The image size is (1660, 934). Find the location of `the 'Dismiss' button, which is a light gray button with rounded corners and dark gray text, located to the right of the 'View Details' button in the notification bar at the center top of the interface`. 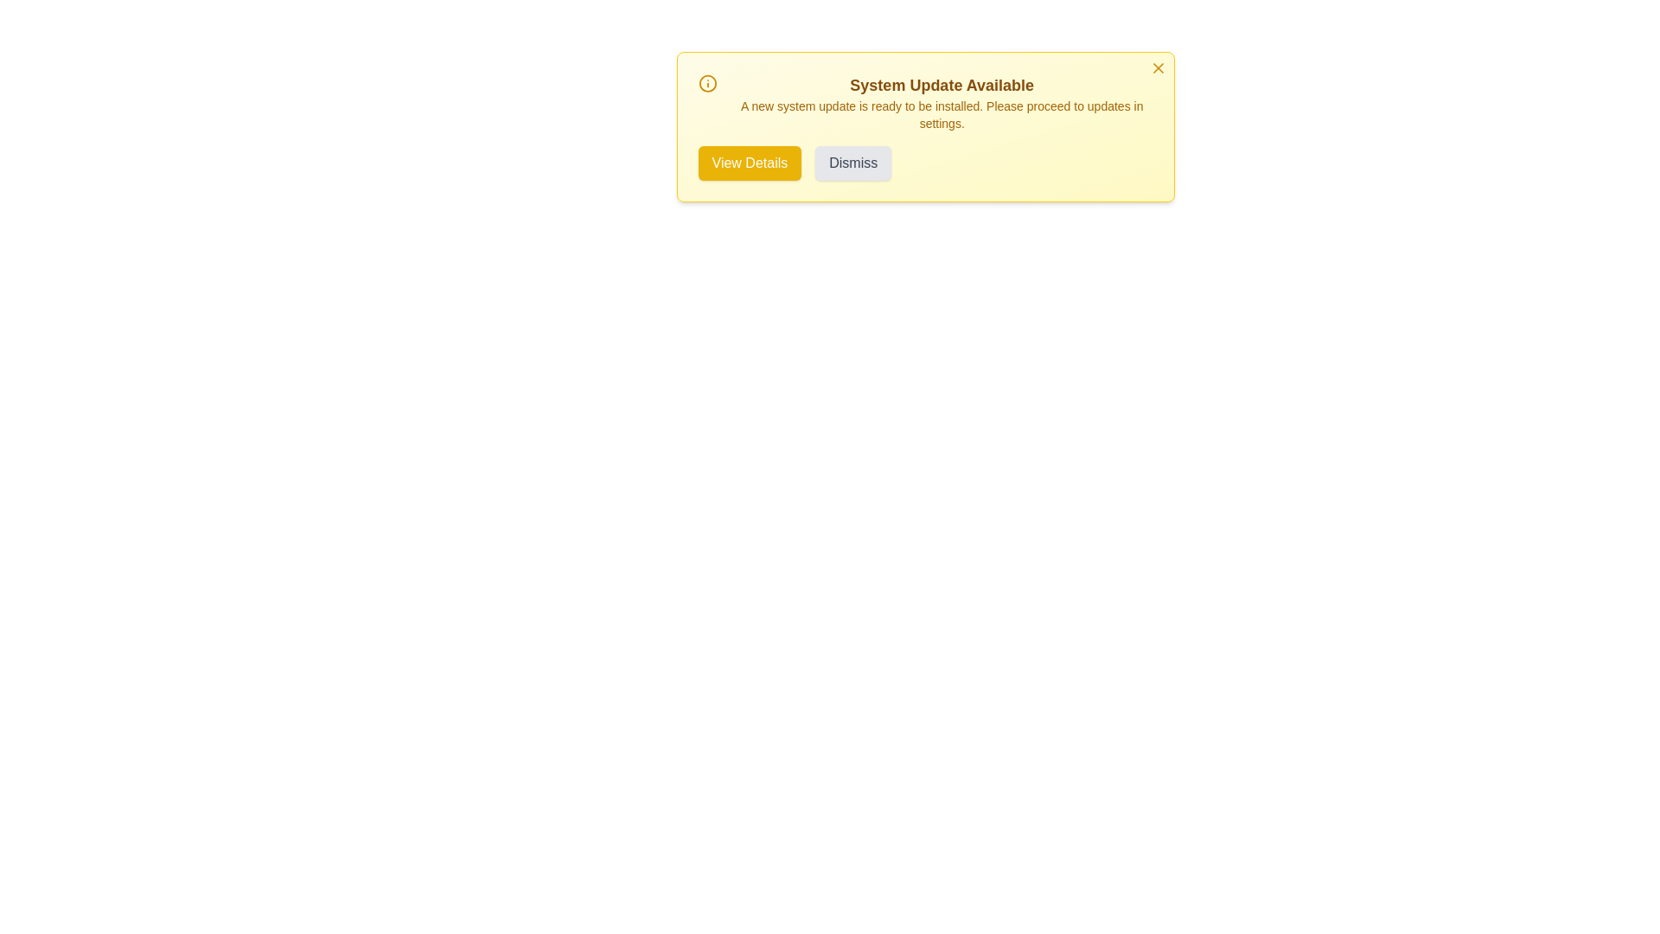

the 'Dismiss' button, which is a light gray button with rounded corners and dark gray text, located to the right of the 'View Details' button in the notification bar at the center top of the interface is located at coordinates (853, 163).